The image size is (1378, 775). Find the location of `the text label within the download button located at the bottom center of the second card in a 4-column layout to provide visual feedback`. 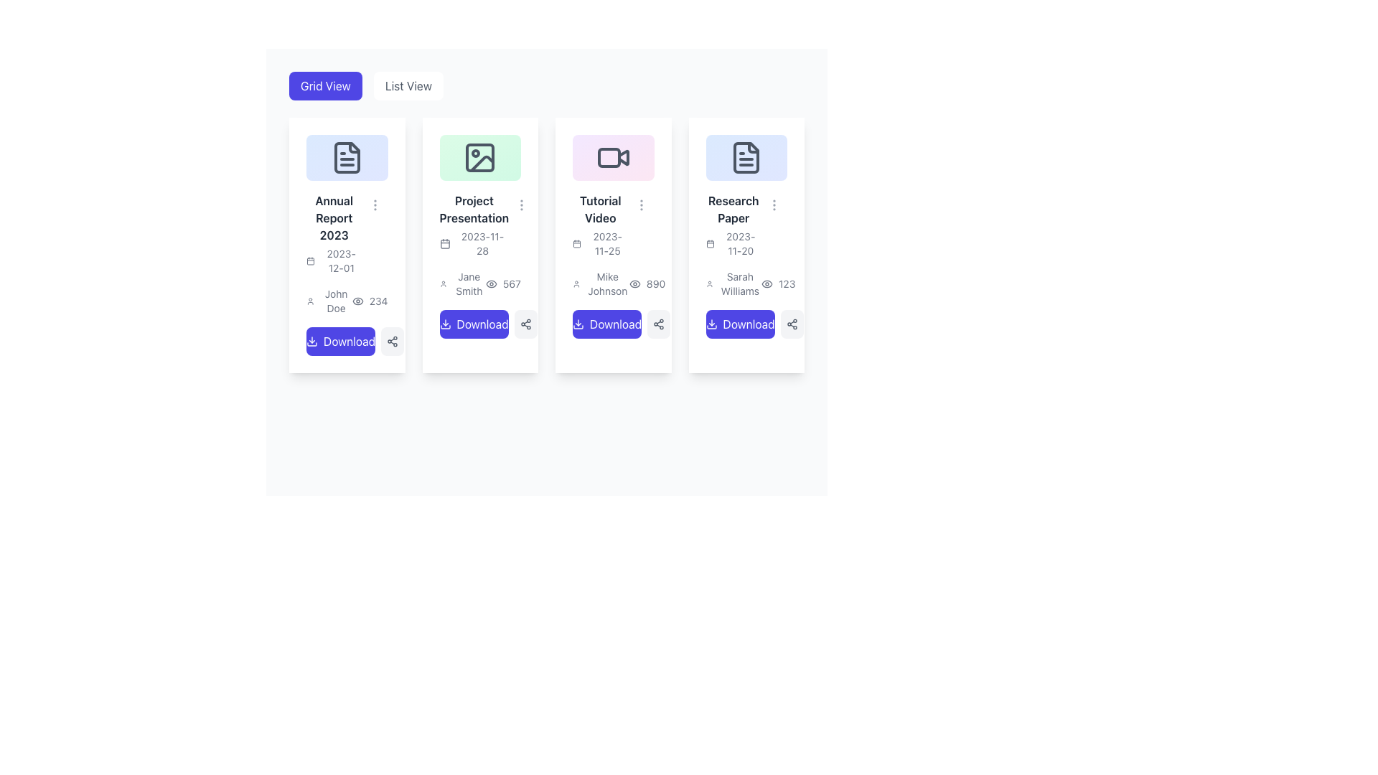

the text label within the download button located at the bottom center of the second card in a 4-column layout to provide visual feedback is located at coordinates (482, 324).